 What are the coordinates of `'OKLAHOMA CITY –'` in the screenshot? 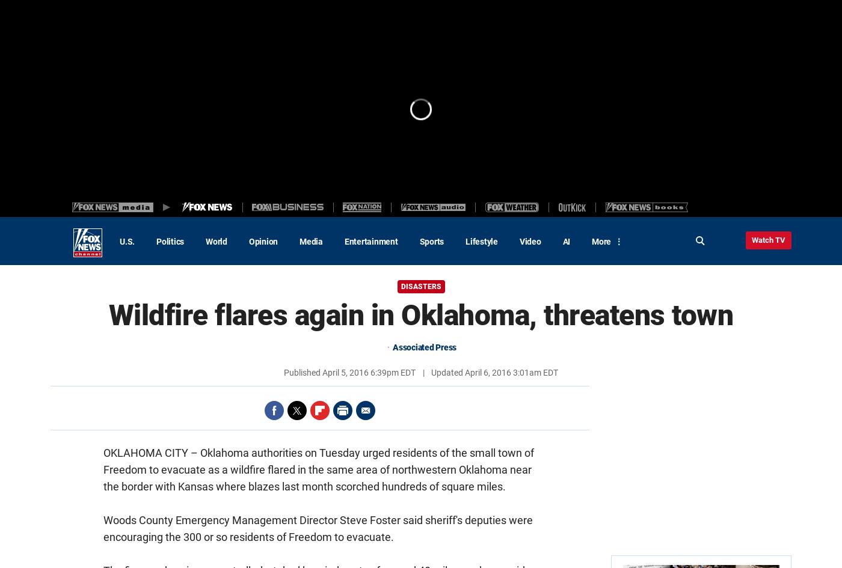 It's located at (152, 452).